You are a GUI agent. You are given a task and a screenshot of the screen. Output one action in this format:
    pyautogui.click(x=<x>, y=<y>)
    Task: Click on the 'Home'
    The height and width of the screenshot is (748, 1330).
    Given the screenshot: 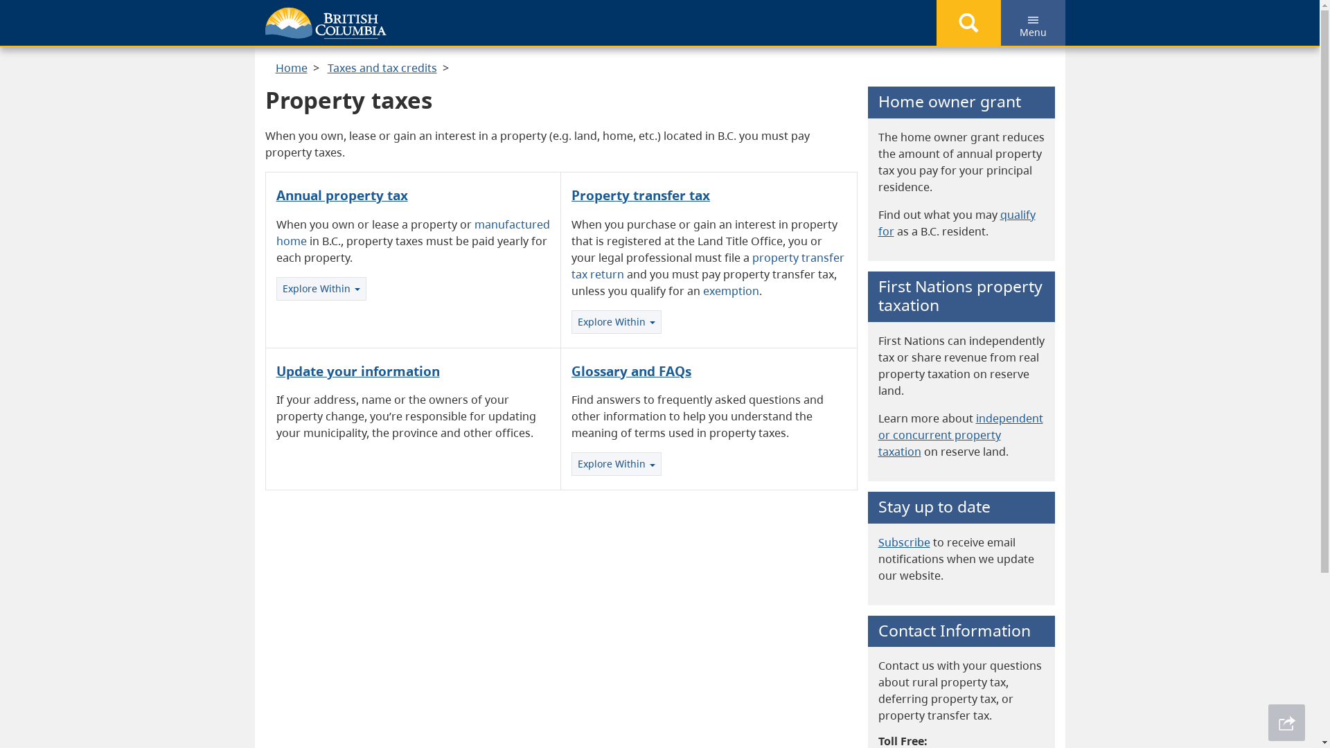 What is the action you would take?
    pyautogui.click(x=276, y=67)
    